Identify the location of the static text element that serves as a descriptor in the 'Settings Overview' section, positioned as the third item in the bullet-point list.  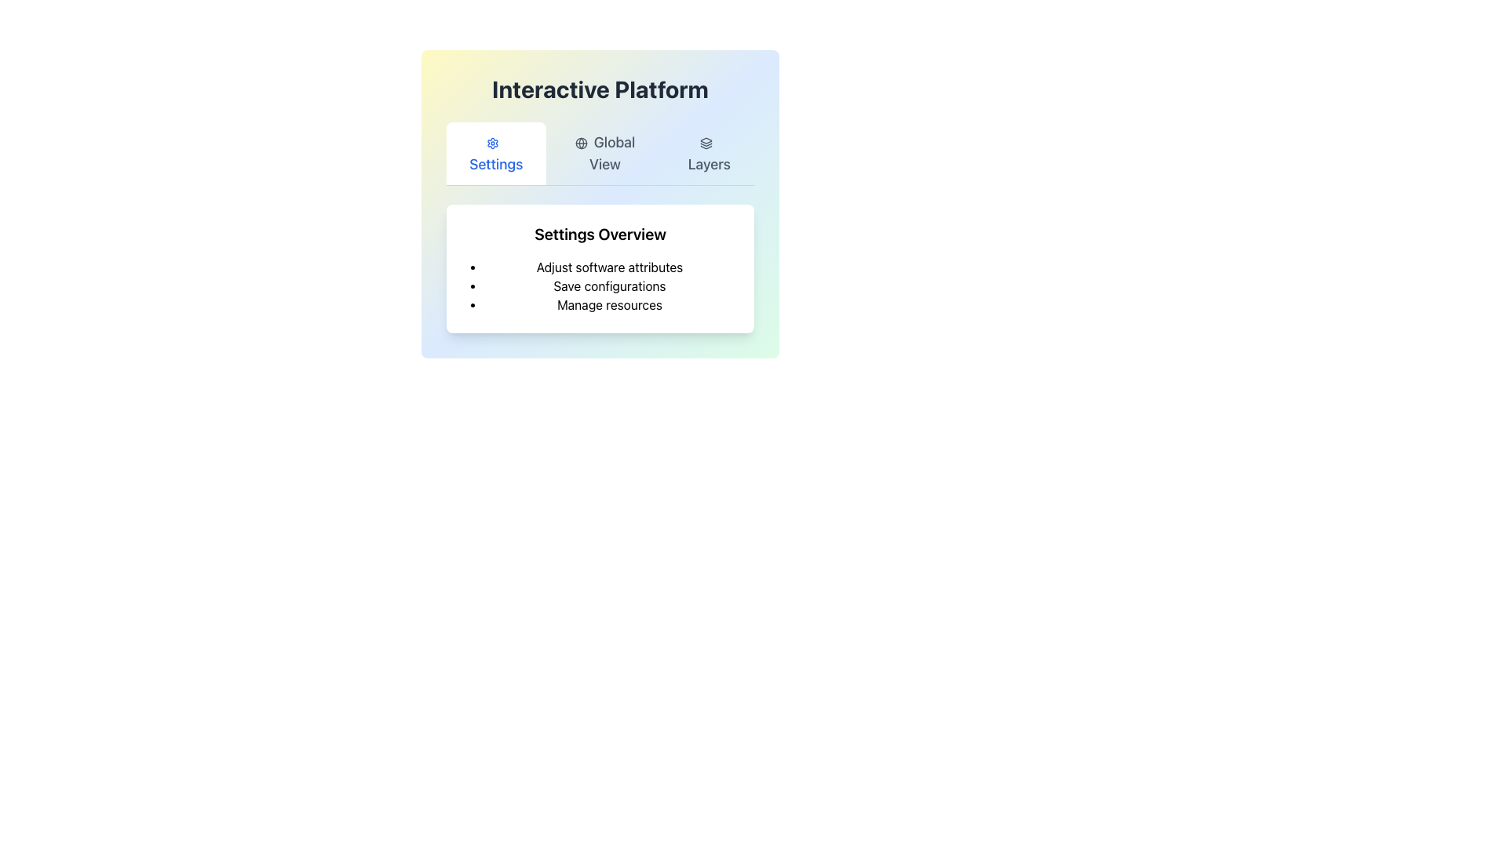
(609, 305).